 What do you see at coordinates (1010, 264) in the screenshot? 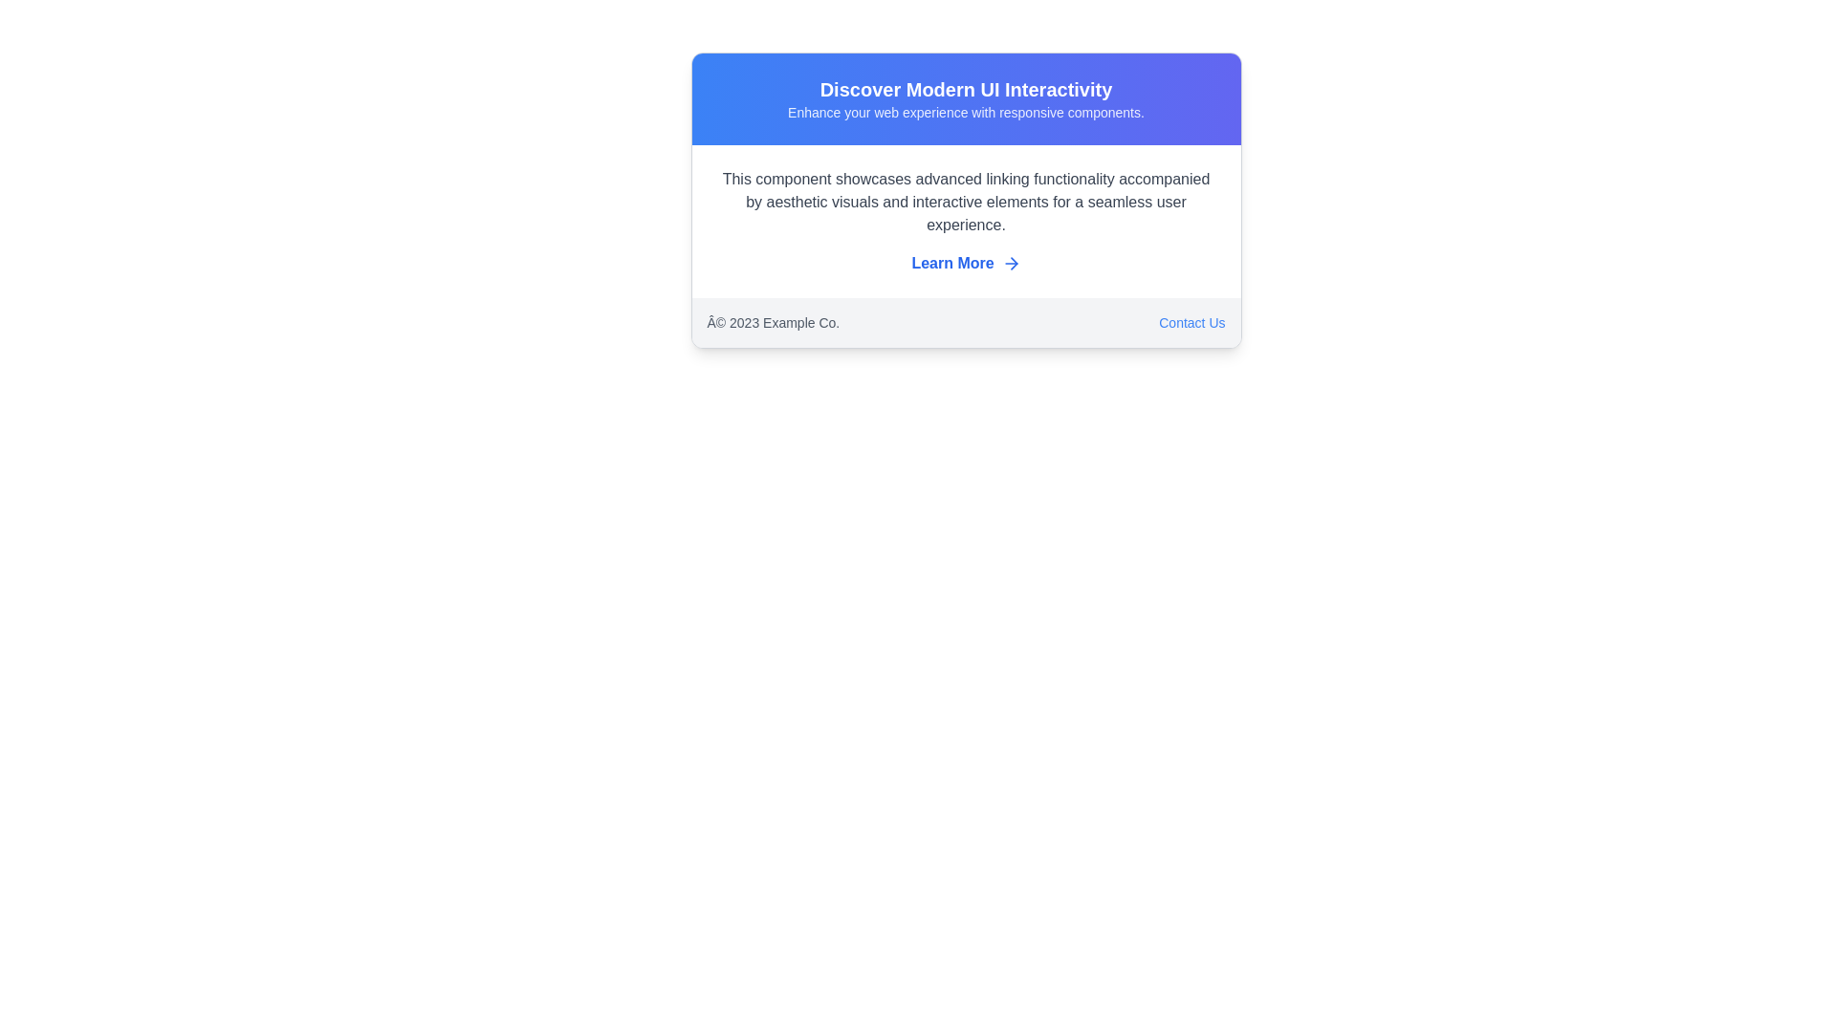
I see `the rightward-pointing arrow icon styled as an SVG graphic, which is located to the immediate right of the 'Learn More' text link` at bounding box center [1010, 264].